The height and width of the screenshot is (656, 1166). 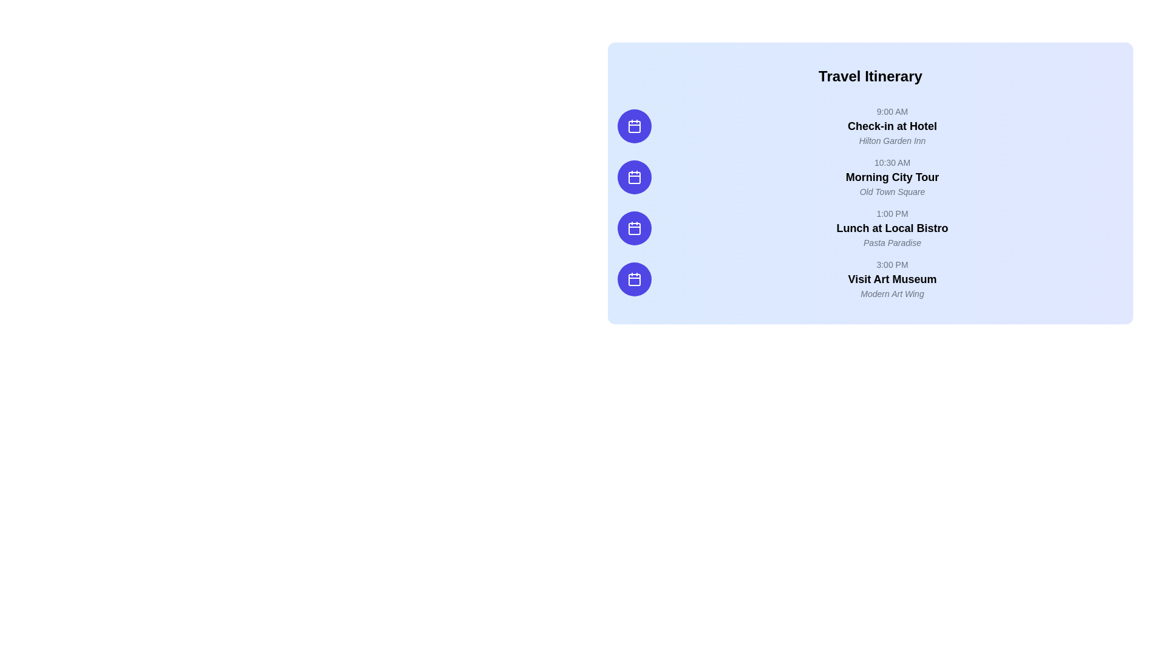 What do you see at coordinates (634, 228) in the screenshot?
I see `the third calendar icon on the left side of the panel to interact with the 'Lunch at Local Bistro' itinerary event` at bounding box center [634, 228].